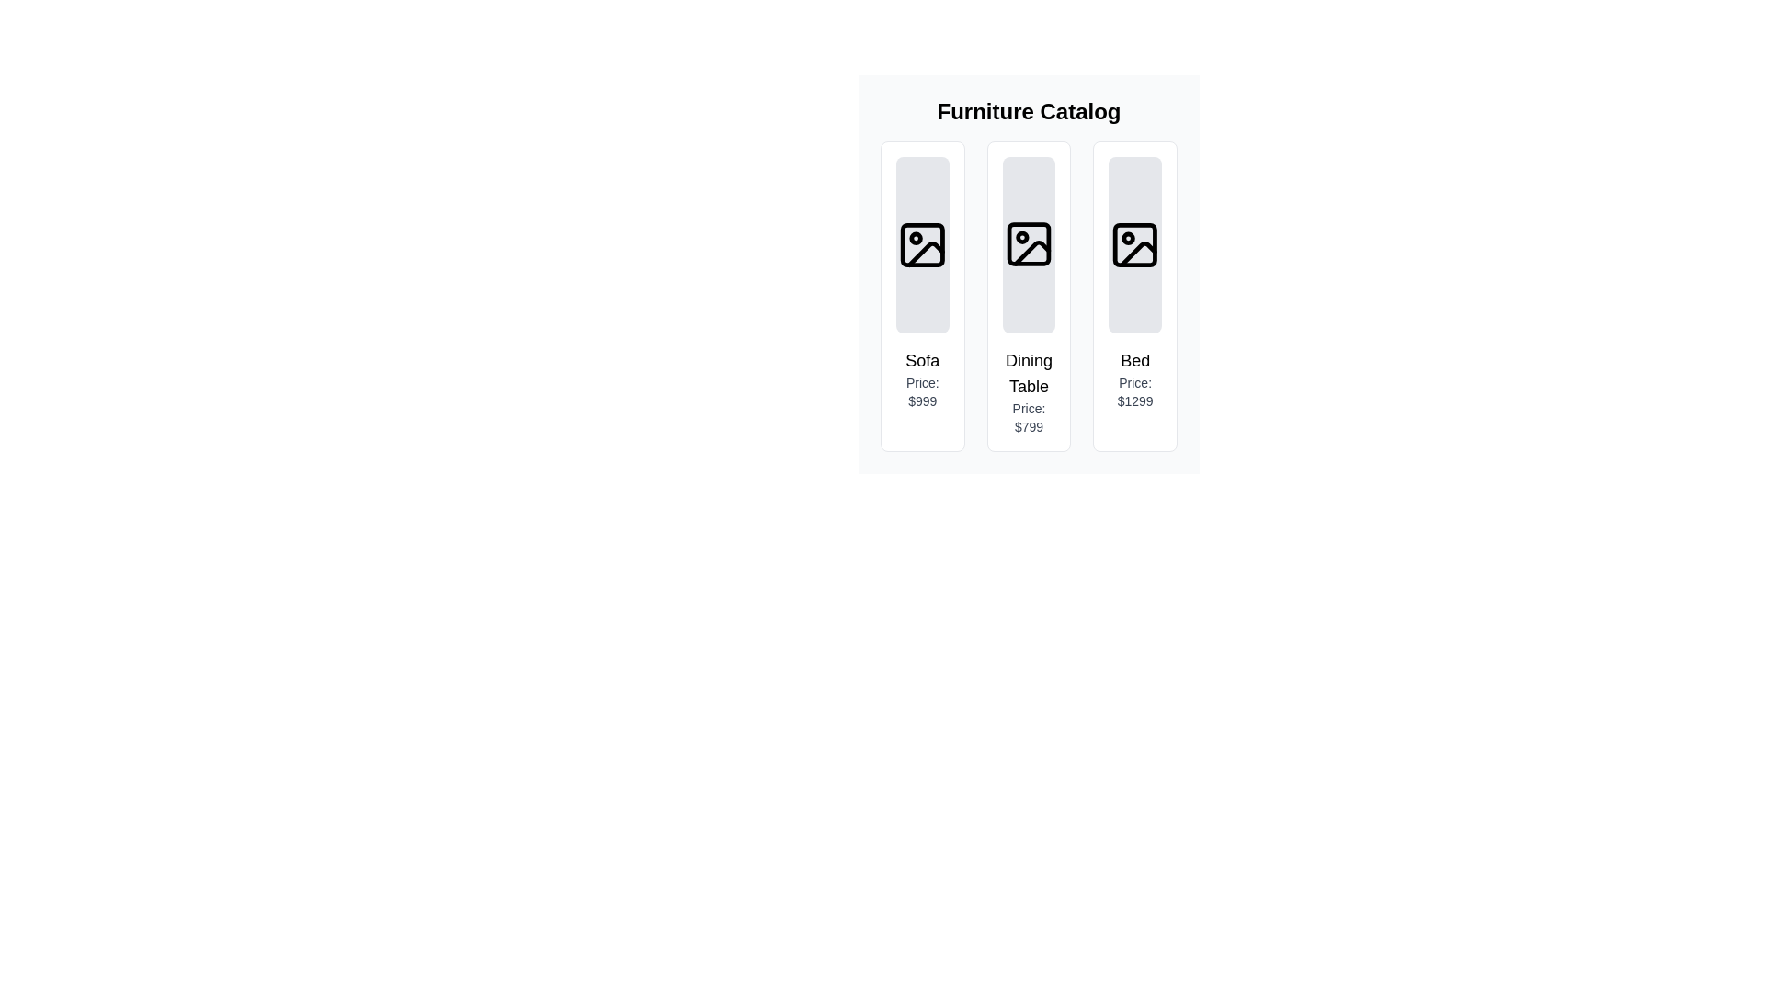 The height and width of the screenshot is (992, 1765). Describe the element at coordinates (1134, 391) in the screenshot. I see `static text display showing the price '$1299' located below the 'Bed' label in the rightmost card of the layout` at that location.